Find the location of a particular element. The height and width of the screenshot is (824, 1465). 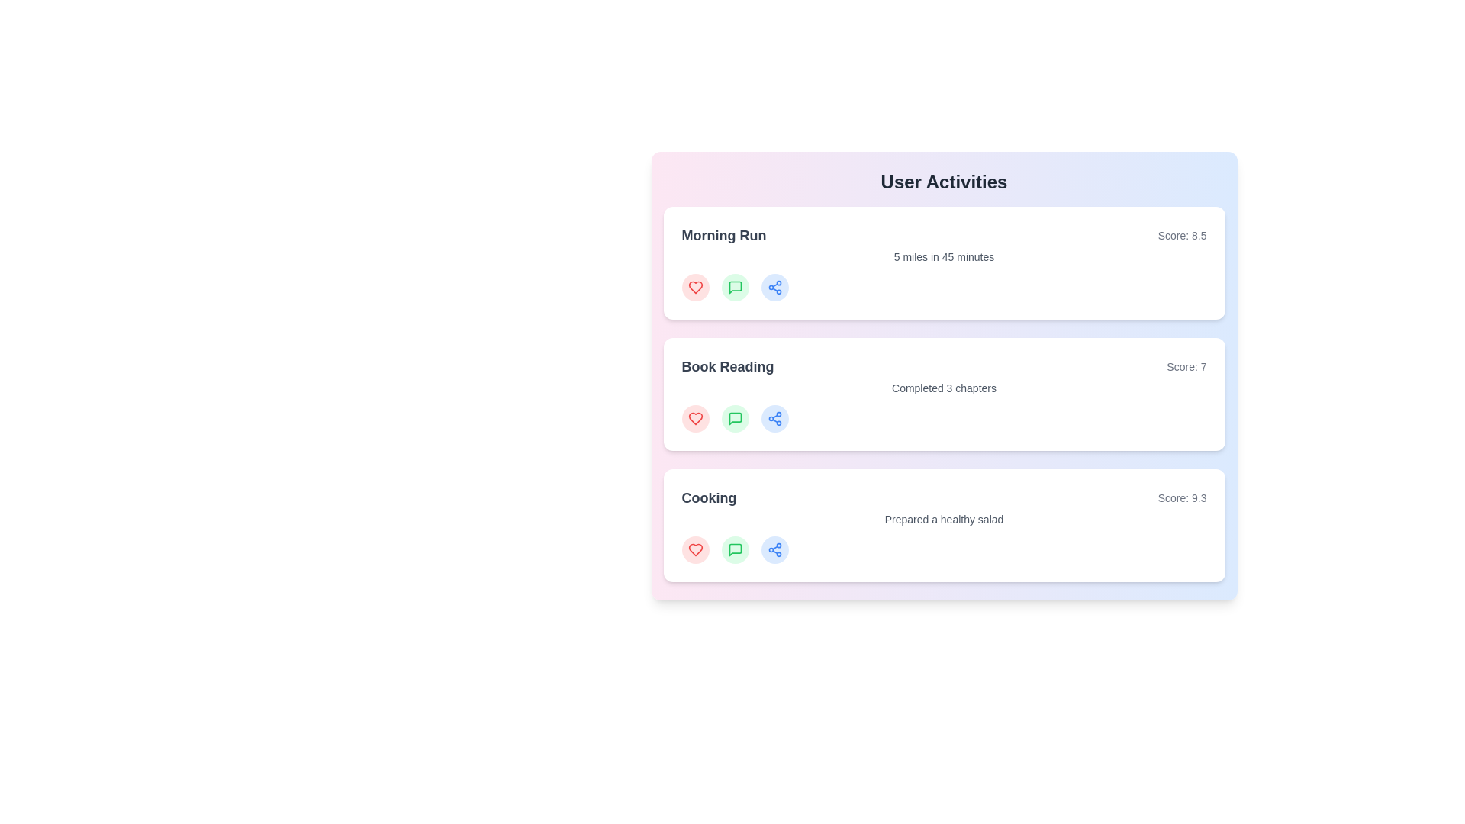

'like' button for the activity 'Book Reading' is located at coordinates (694, 418).